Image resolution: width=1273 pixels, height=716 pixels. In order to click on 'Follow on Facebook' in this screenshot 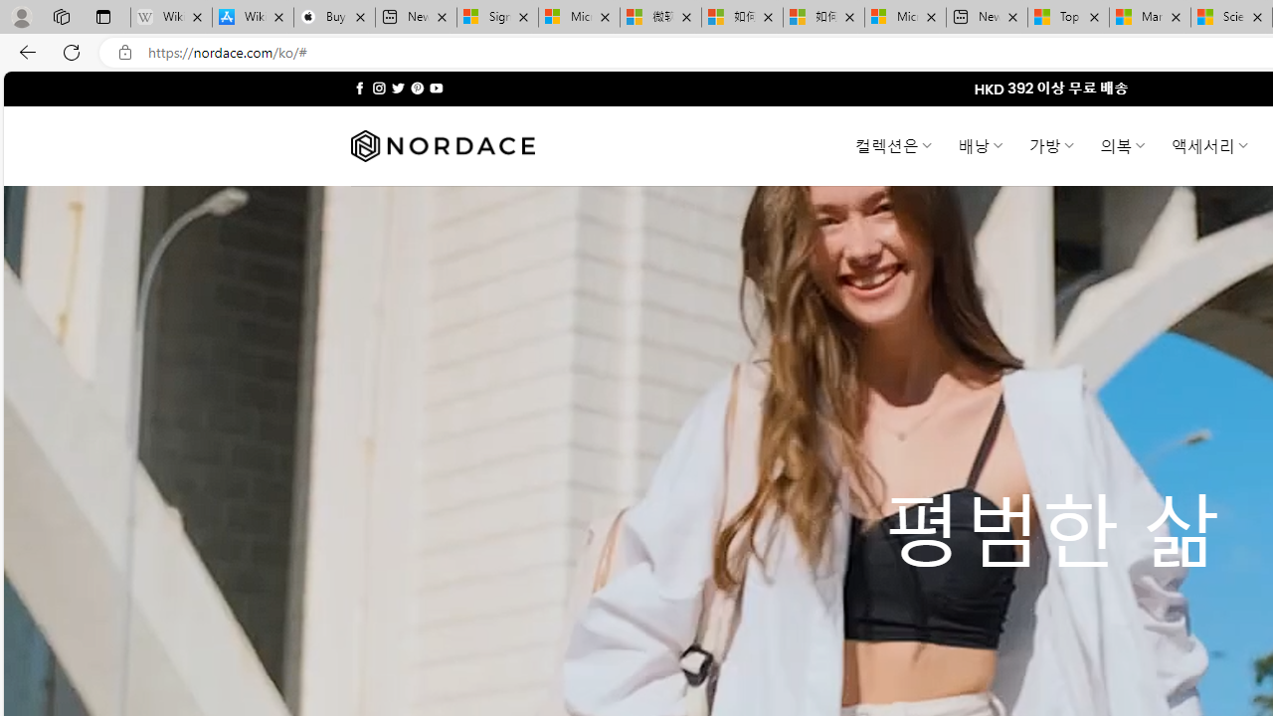, I will do `click(360, 88)`.